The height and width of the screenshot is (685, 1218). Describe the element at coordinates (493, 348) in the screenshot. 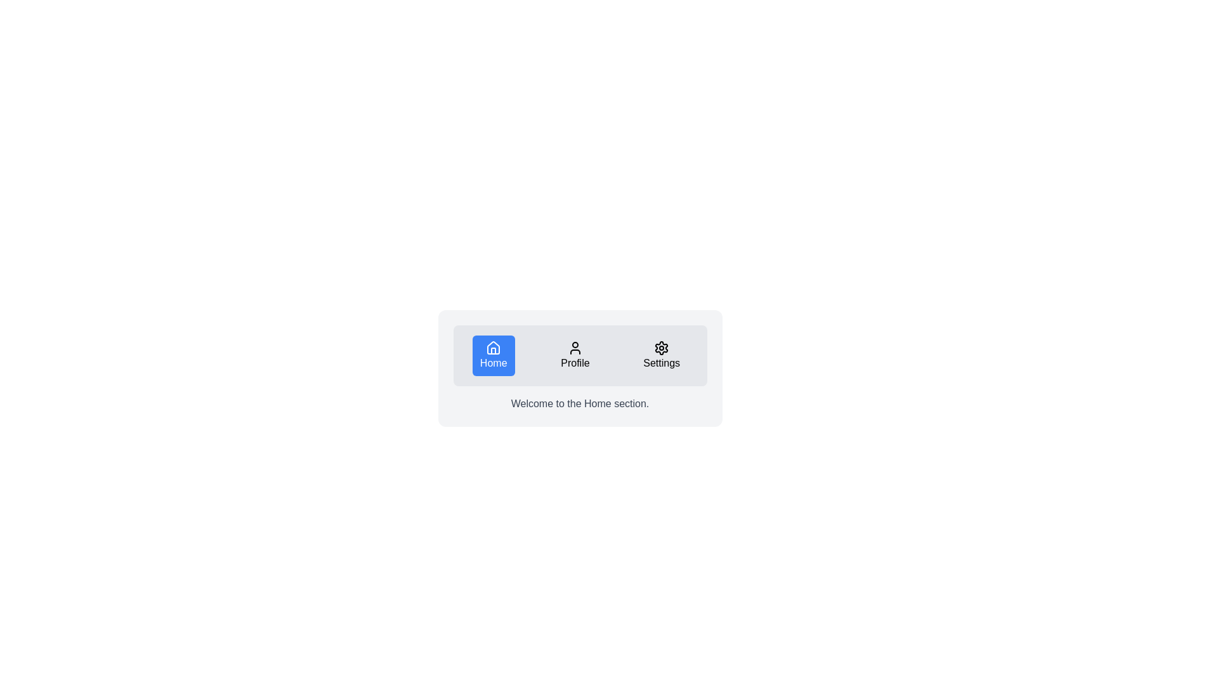

I see `the house-like icon with a blue background located on the left side of the horizontal navigation bar` at that location.